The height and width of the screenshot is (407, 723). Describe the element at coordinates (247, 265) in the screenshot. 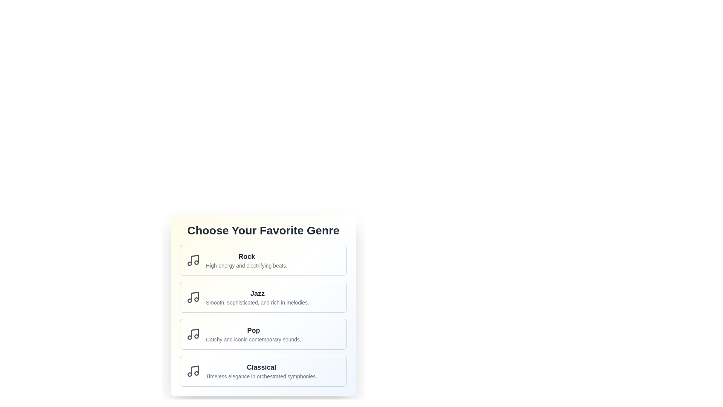

I see `the descriptive subtitle element located directly beneath the 'Rock' header in the vertically arranged list` at that location.